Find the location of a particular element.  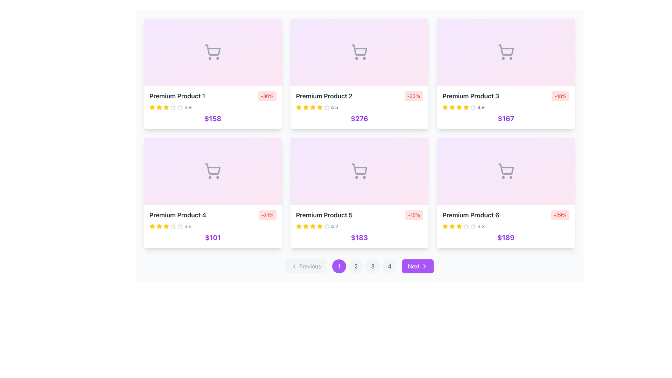

price displayed in the bold, large purple text label showing '$276' located below the rating display of the 'Premium Product 2' card is located at coordinates (359, 118).